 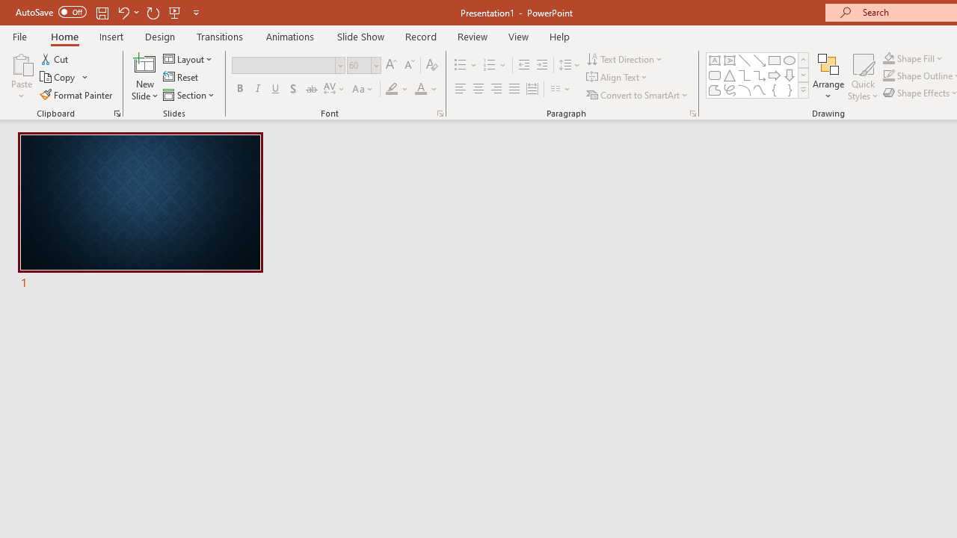 What do you see at coordinates (425, 89) in the screenshot?
I see `'Font Color'` at bounding box center [425, 89].